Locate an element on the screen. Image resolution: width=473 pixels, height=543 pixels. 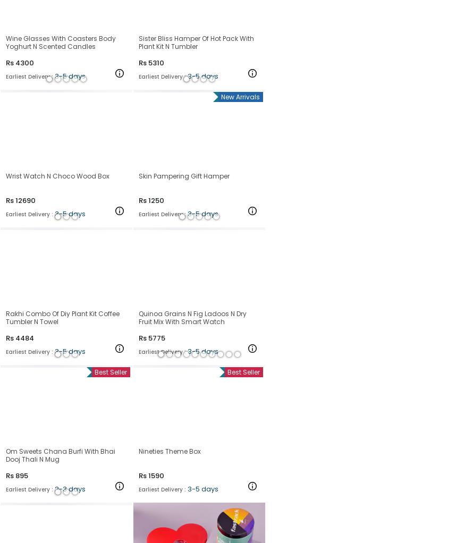
'2-3 days' is located at coordinates (69, 488).